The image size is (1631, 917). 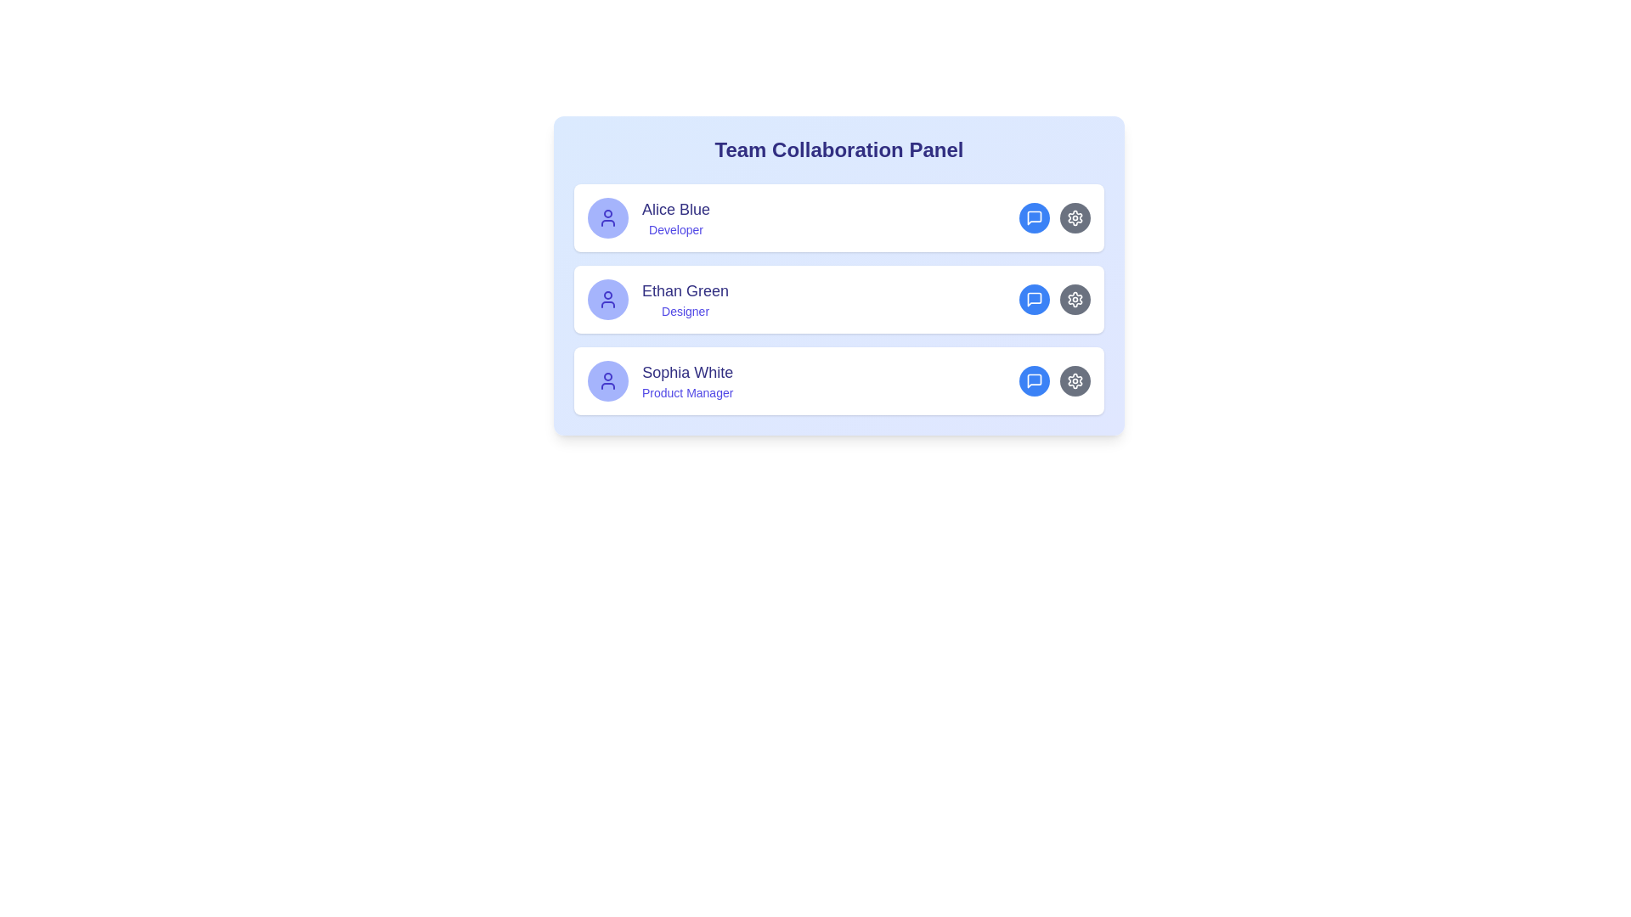 I want to click on the circular user avatar icon with an indigo background, located to the left of the 'Alice Blue Developer' entry in the 'Team Collaboration Panel', so click(x=607, y=217).